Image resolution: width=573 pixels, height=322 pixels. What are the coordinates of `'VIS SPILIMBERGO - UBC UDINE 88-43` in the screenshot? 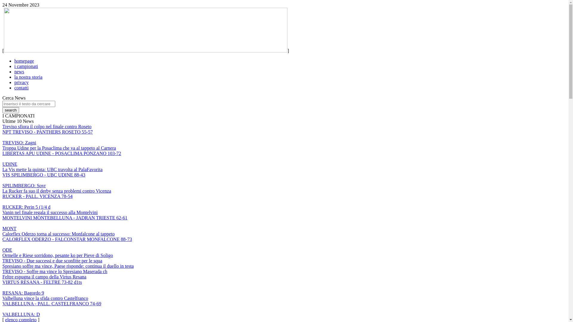 It's located at (44, 180).